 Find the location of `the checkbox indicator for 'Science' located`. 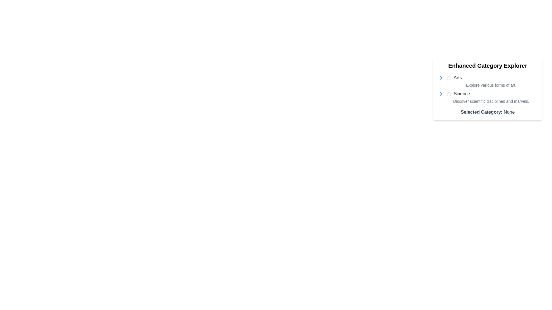

the checkbox indicator for 'Science' located is located at coordinates (448, 94).